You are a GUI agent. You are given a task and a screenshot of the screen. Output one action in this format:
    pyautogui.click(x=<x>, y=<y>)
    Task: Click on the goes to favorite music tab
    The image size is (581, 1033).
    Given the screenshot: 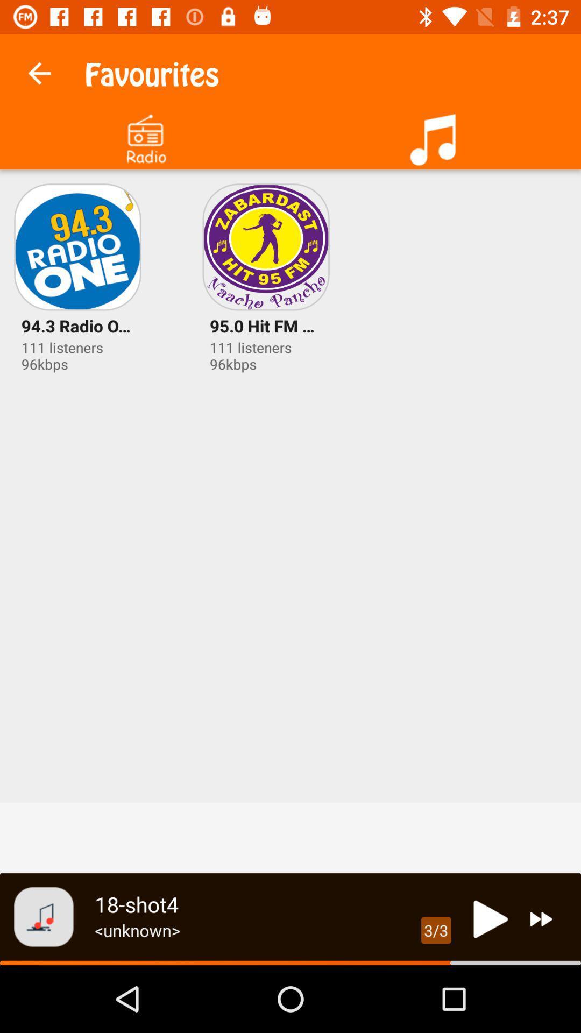 What is the action you would take?
    pyautogui.click(x=436, y=135)
    